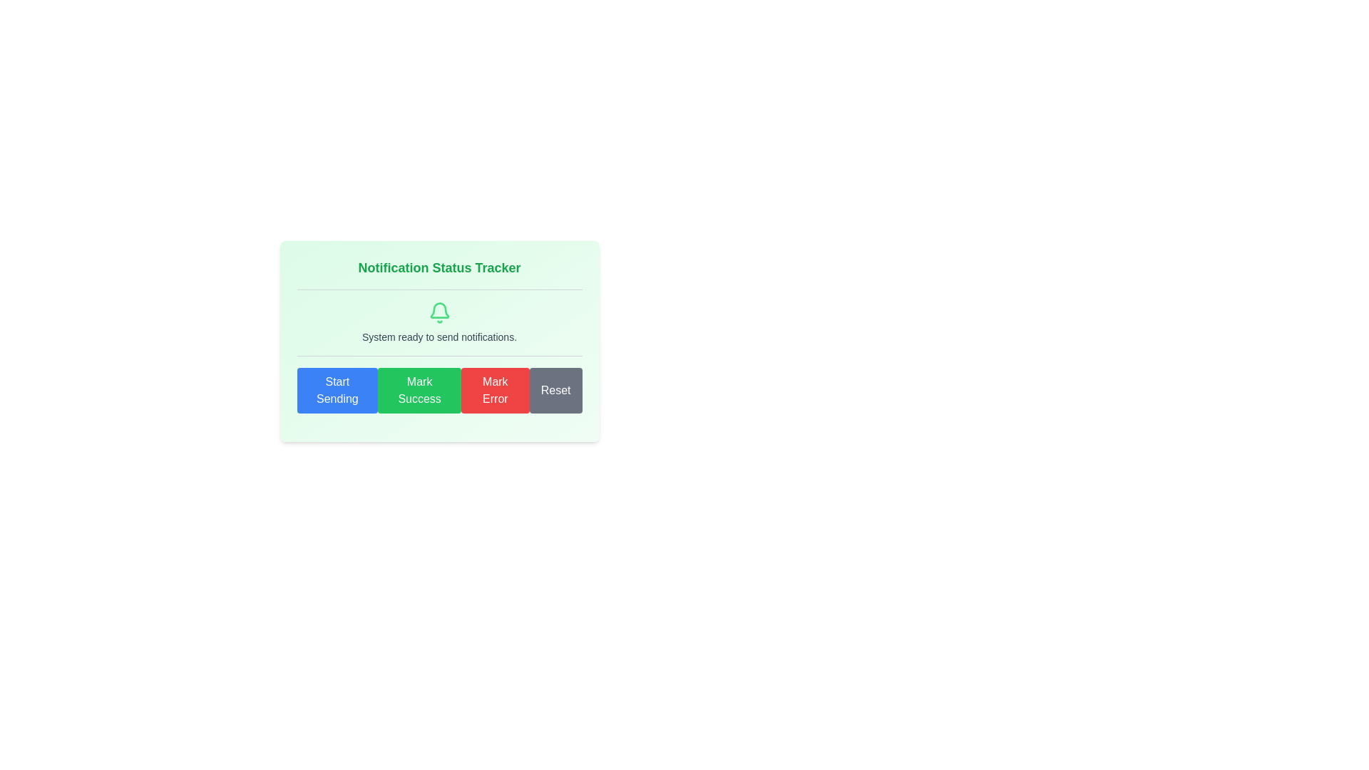  I want to click on the 'Mark Success' button, which is a rectangular button with a green background and white text, centrally located in a row of four buttons, so click(419, 390).